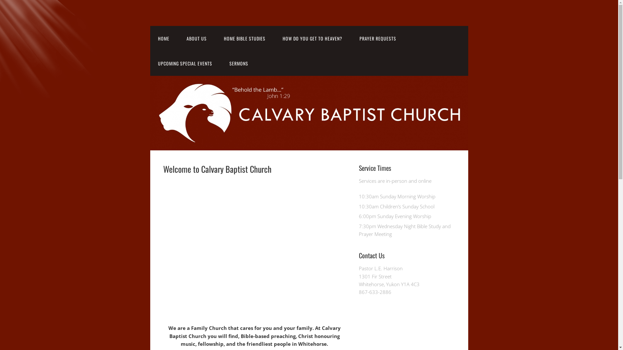 Image resolution: width=623 pixels, height=350 pixels. What do you see at coordinates (216, 38) in the screenshot?
I see `'HOME BIBLE STUDIES'` at bounding box center [216, 38].